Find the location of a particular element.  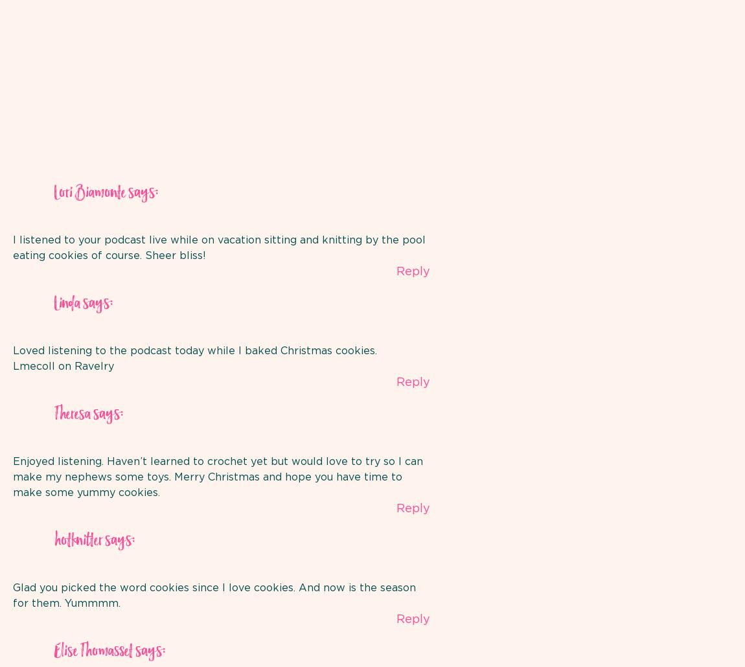

'hotknitter' is located at coordinates (53, 539).